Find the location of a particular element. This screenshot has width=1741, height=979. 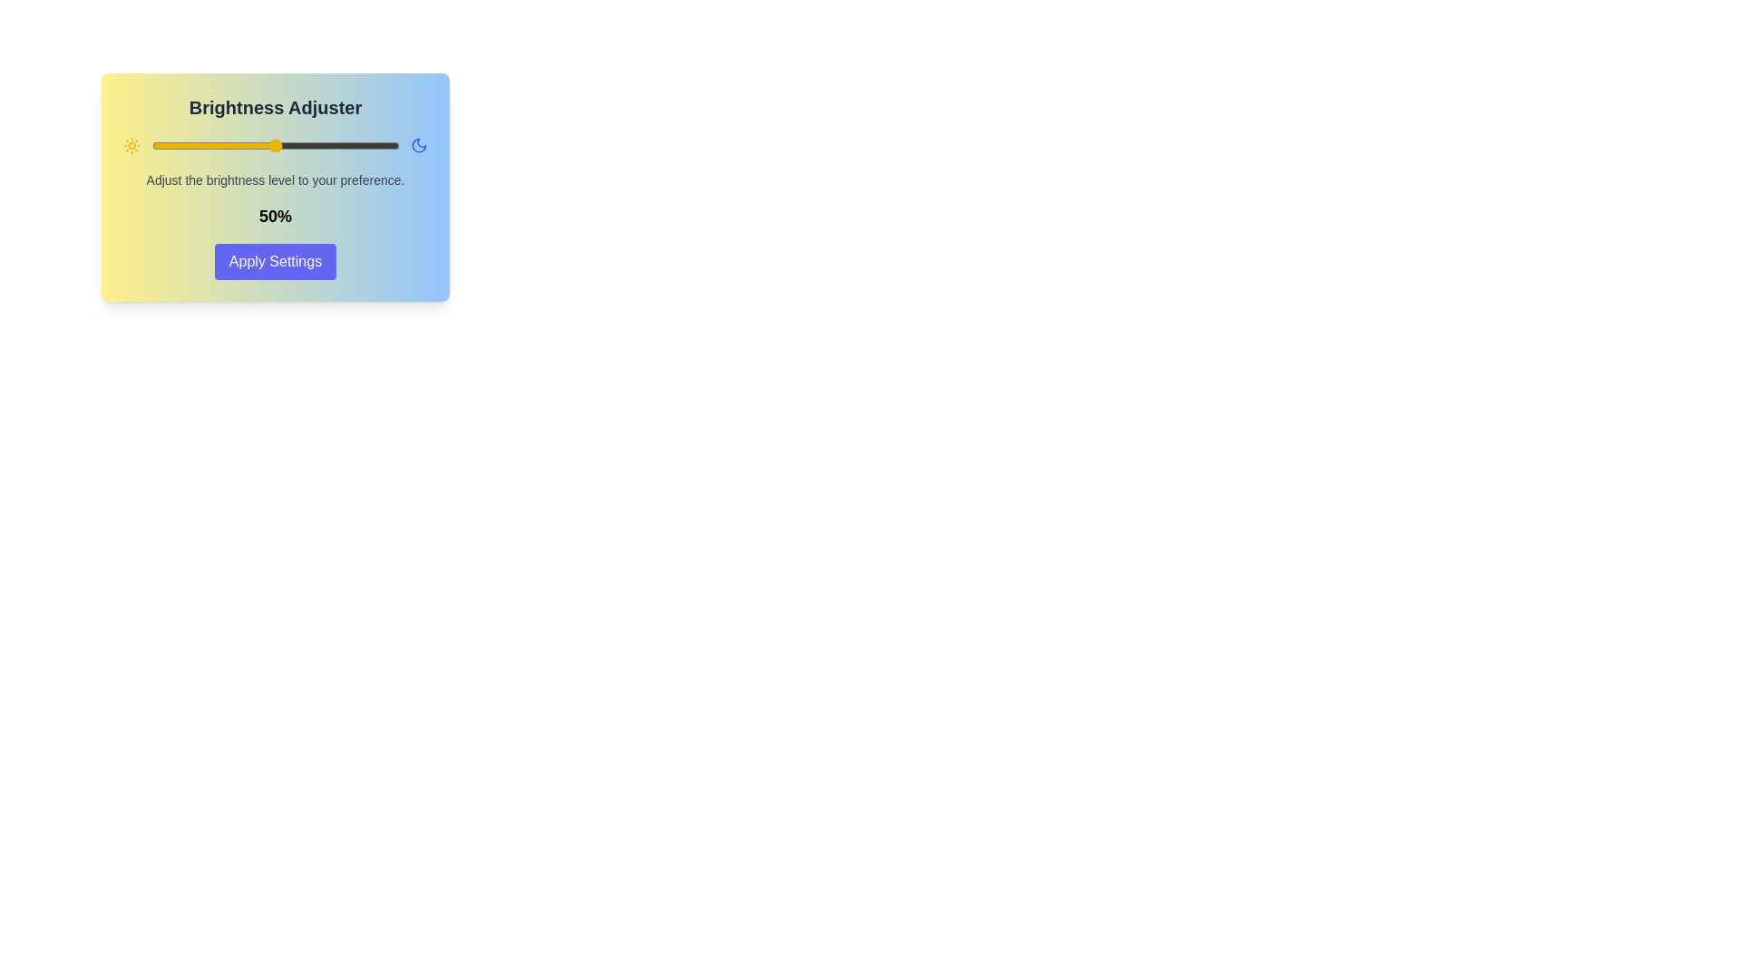

the brightness slider to 15% is located at coordinates (189, 145).